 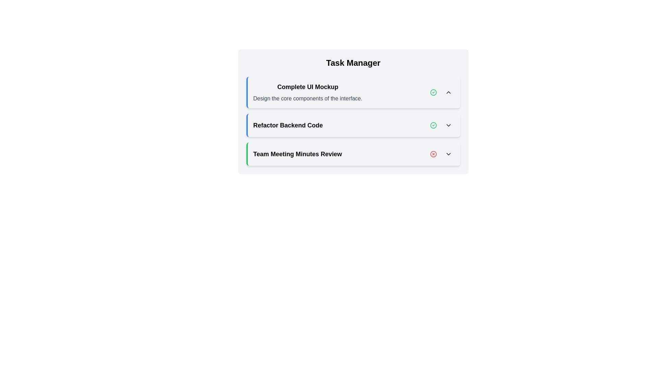 I want to click on the downwards-pointing chevron icon located inside the button at the far right of the 'Team Meeting Minutes Review' list entry, so click(x=449, y=154).